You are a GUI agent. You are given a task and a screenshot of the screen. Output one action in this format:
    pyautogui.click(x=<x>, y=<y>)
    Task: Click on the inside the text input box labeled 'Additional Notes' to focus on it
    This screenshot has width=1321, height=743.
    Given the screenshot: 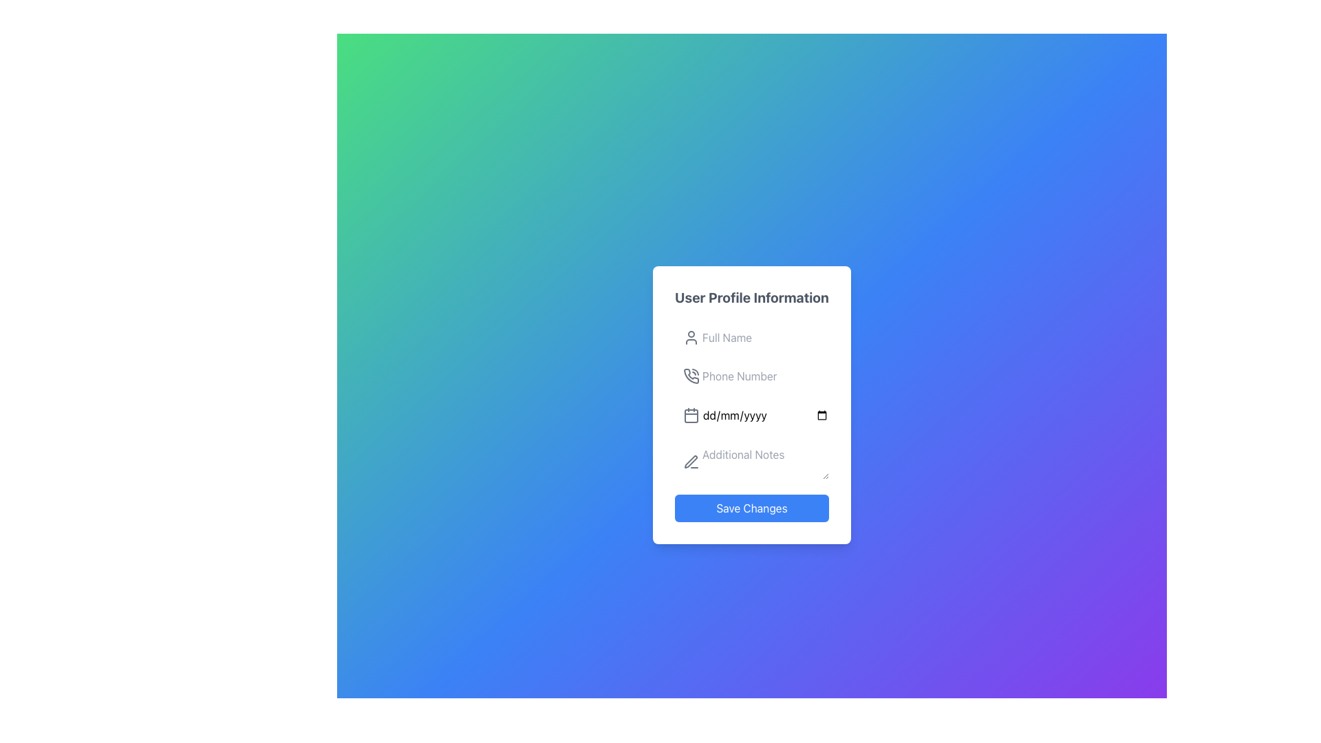 What is the action you would take?
    pyautogui.click(x=751, y=462)
    